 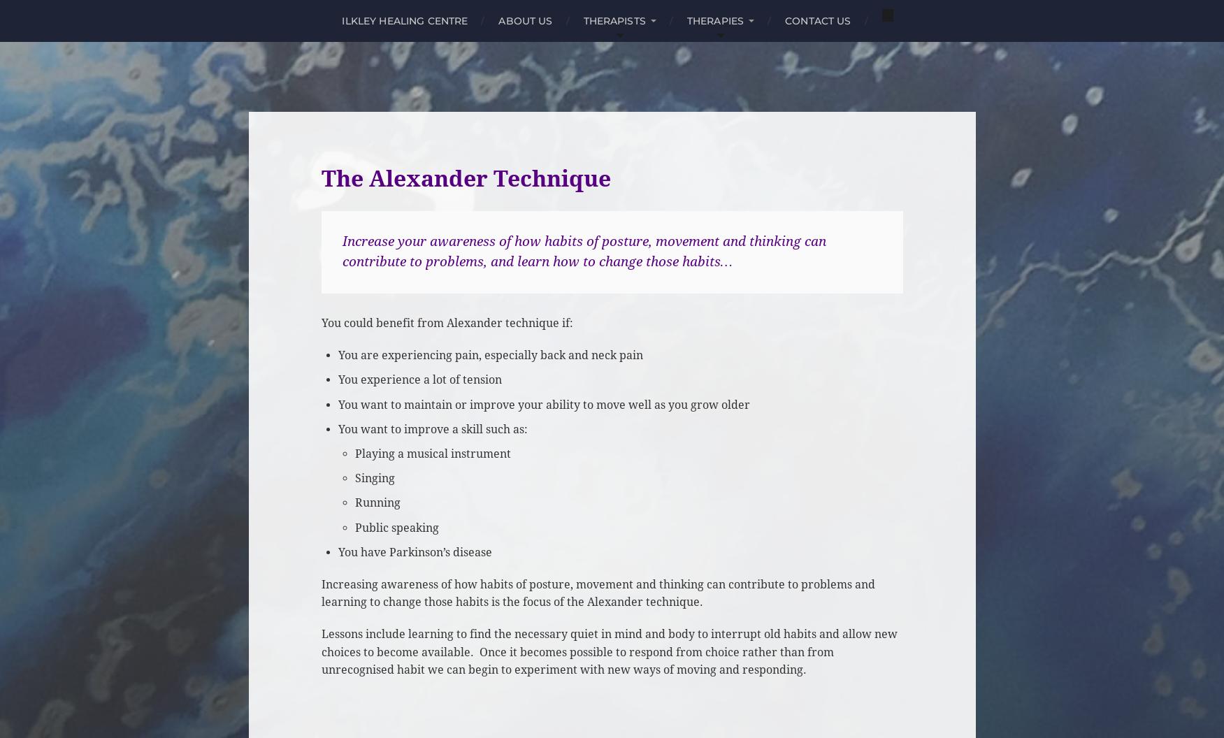 I want to click on 'Increasing awareness of how habits of posture, movement and thinking can contribute to problems and learning to change those habits is the focus of the Alexander technique.', so click(x=598, y=593).